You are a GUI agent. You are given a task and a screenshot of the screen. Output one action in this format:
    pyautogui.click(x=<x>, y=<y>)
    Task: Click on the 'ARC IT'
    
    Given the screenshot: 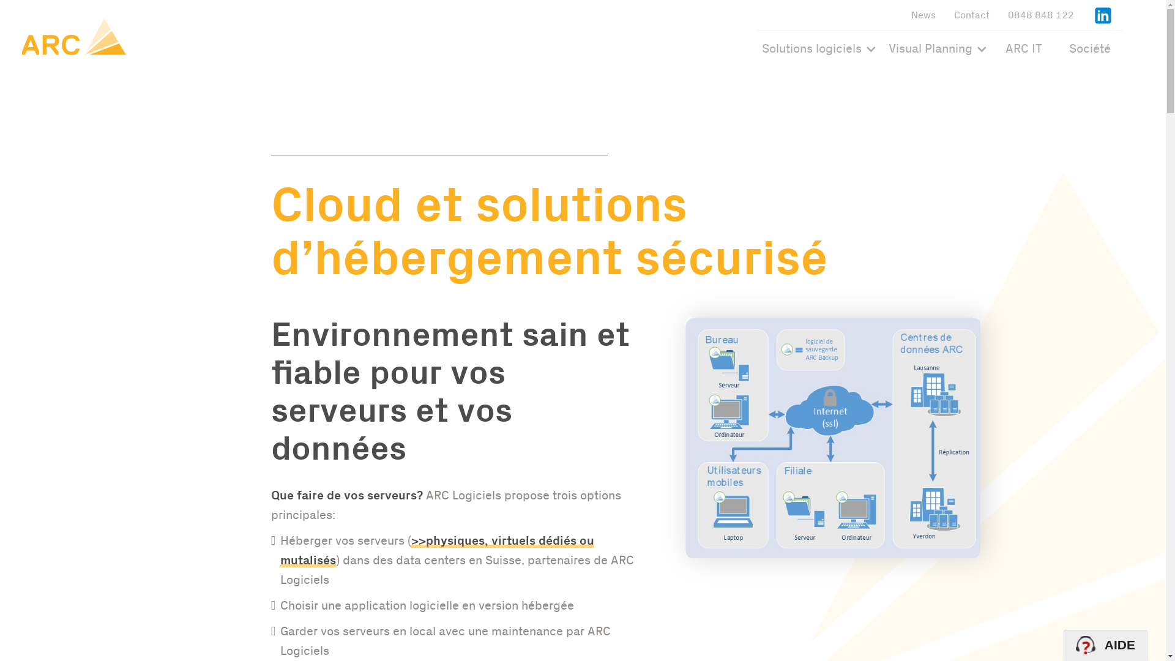 What is the action you would take?
    pyautogui.click(x=1024, y=48)
    